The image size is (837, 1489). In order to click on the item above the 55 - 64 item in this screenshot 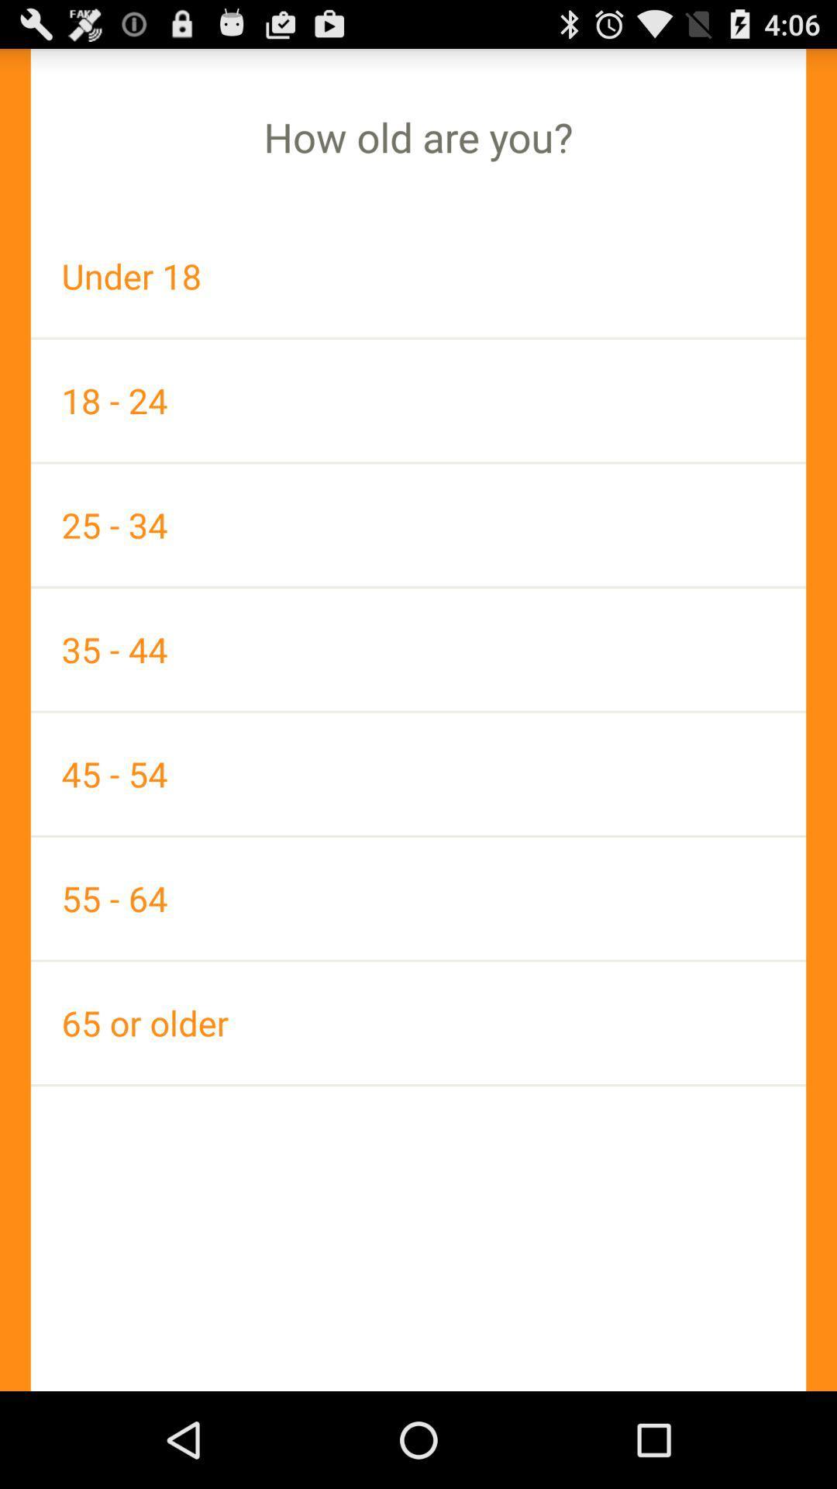, I will do `click(418, 774)`.